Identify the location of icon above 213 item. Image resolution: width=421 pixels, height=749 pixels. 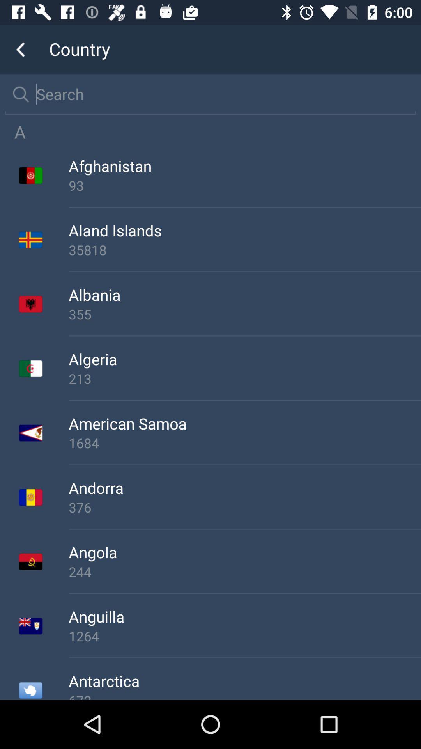
(244, 359).